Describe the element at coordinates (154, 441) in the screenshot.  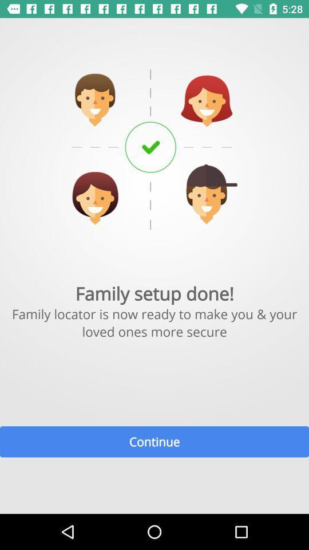
I see `the continue item` at that location.